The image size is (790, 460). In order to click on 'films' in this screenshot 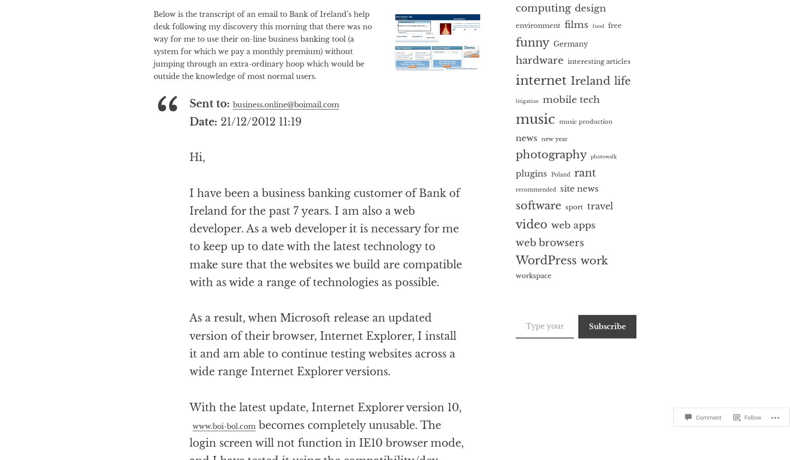, I will do `click(576, 24)`.